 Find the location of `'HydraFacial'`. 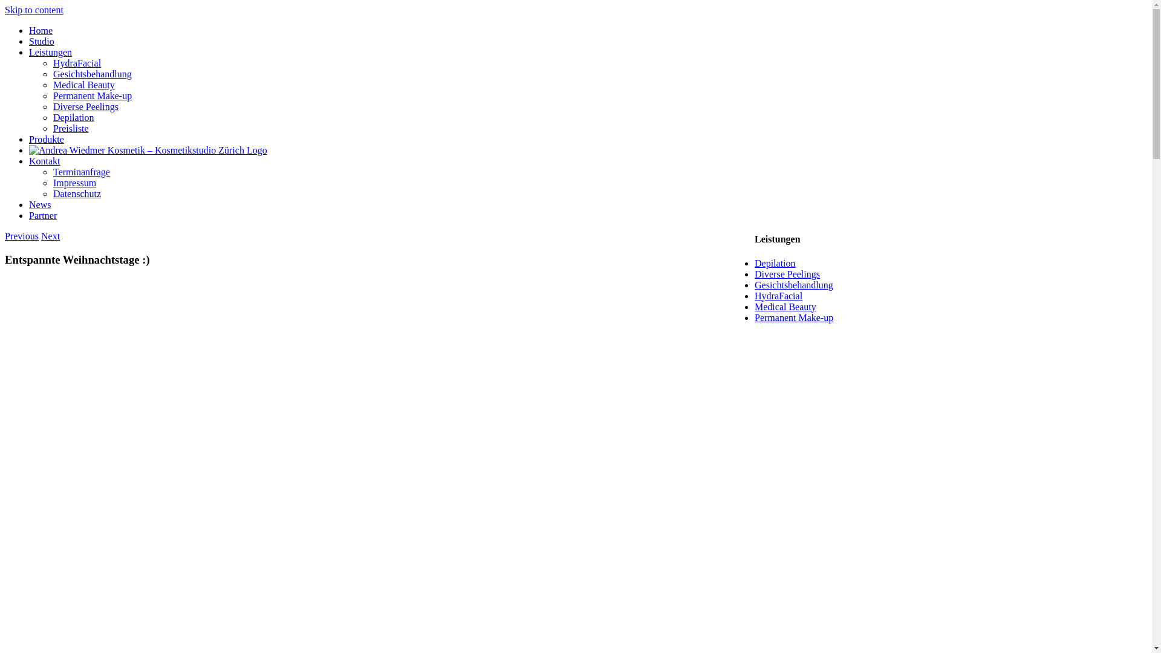

'HydraFacial' is located at coordinates (778, 296).